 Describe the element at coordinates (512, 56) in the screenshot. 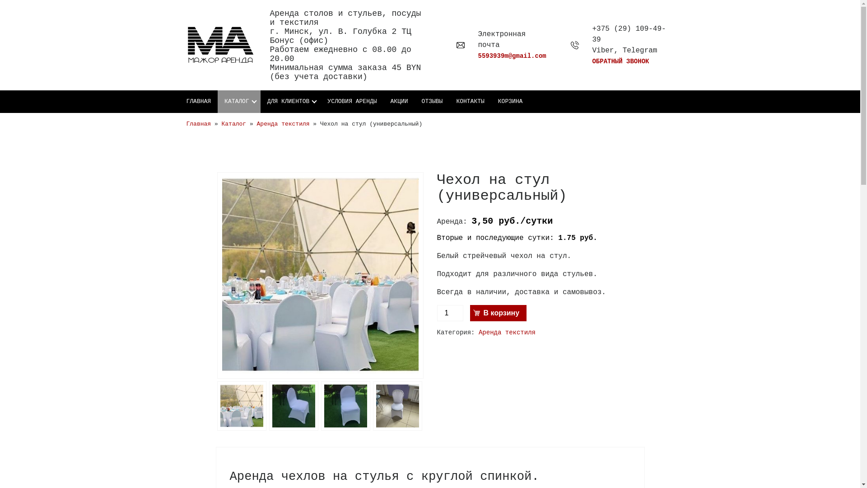

I see `'5593939m@gmail.com'` at that location.